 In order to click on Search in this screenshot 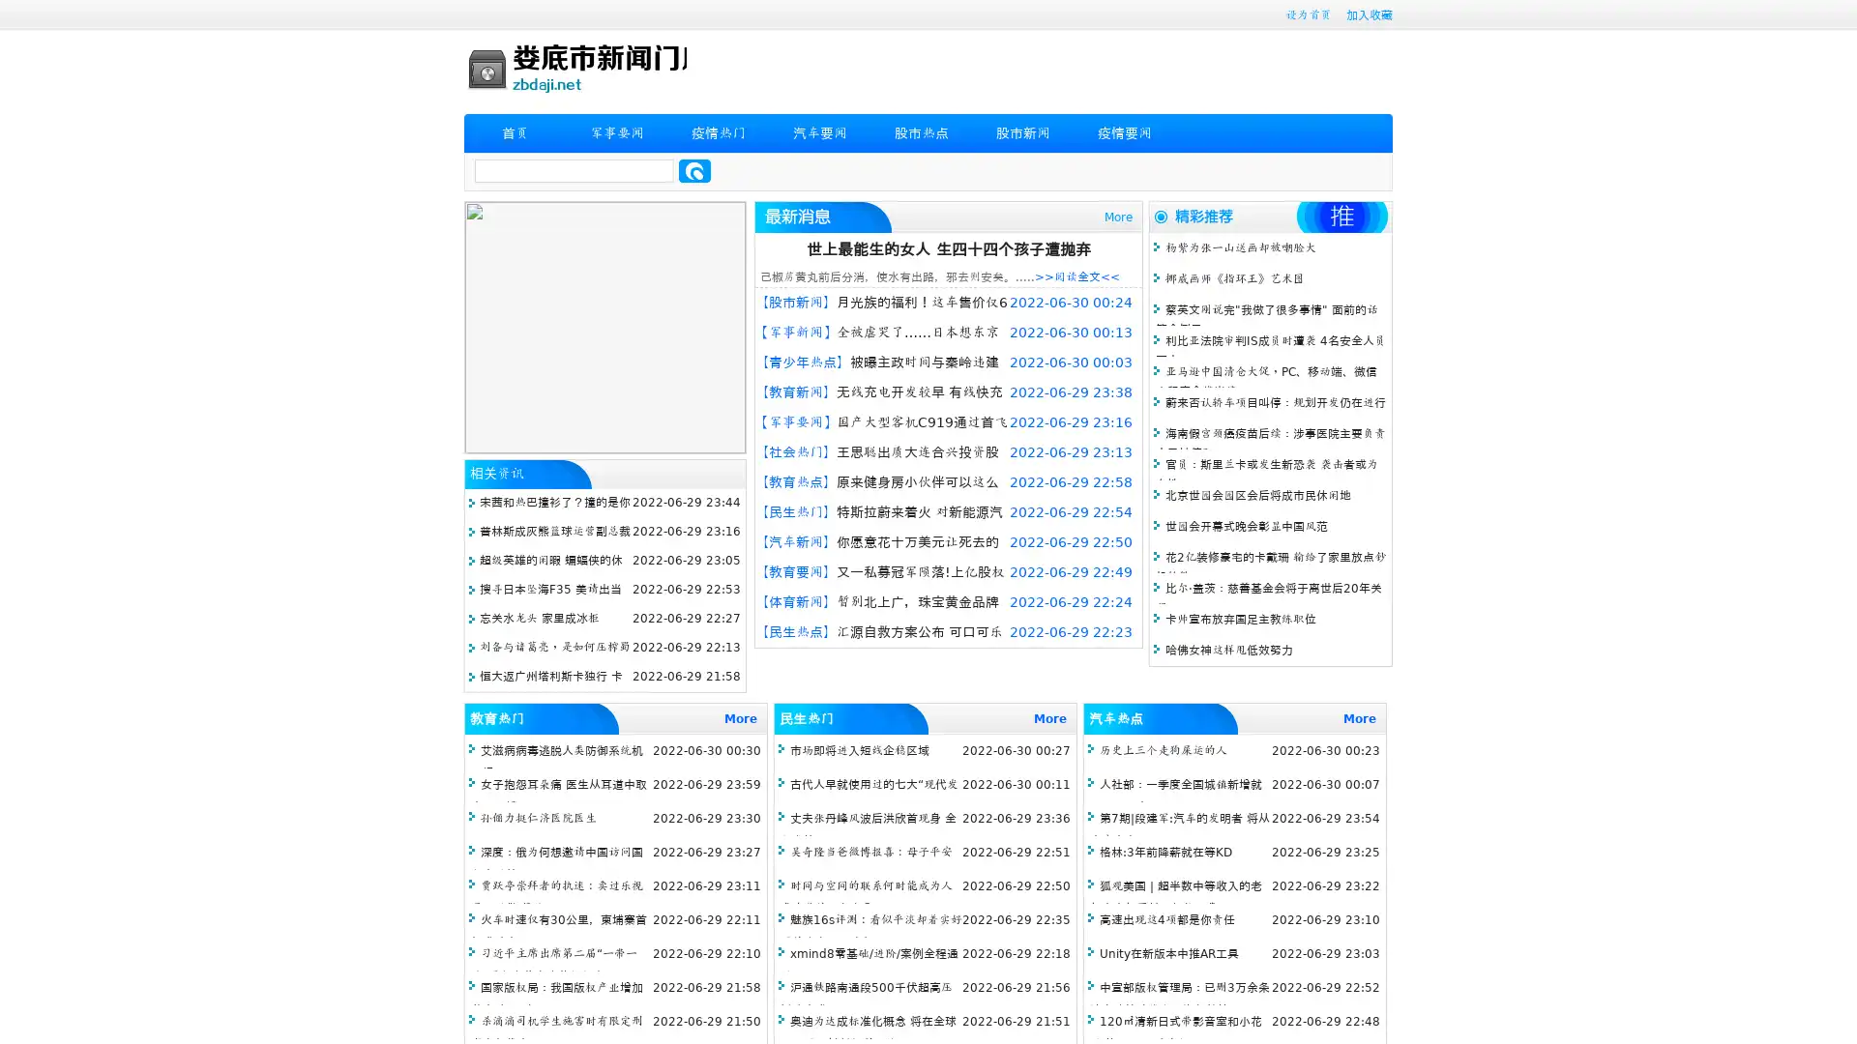, I will do `click(694, 170)`.